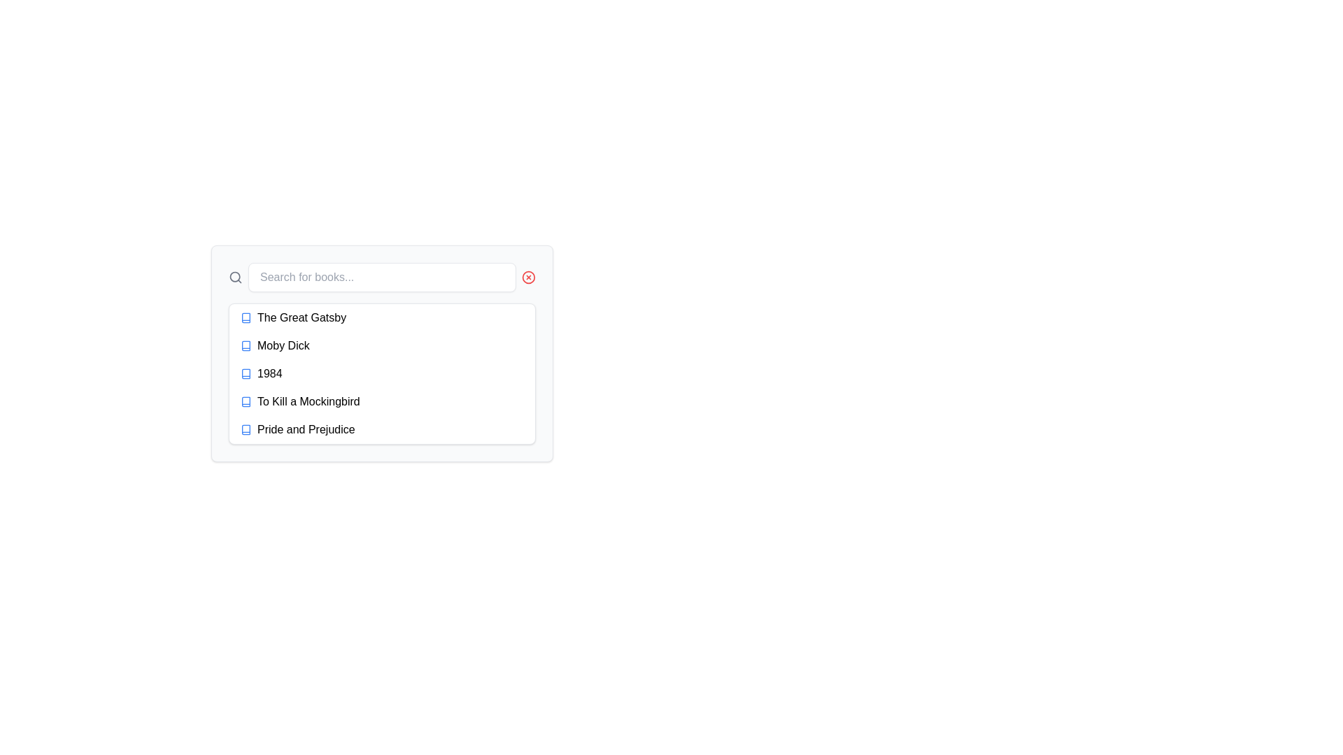 Image resolution: width=1343 pixels, height=755 pixels. What do you see at coordinates (382, 429) in the screenshot?
I see `the list item representing the book title 'Pride and Prejudice', which is the last item in a vertical list of book titles` at bounding box center [382, 429].